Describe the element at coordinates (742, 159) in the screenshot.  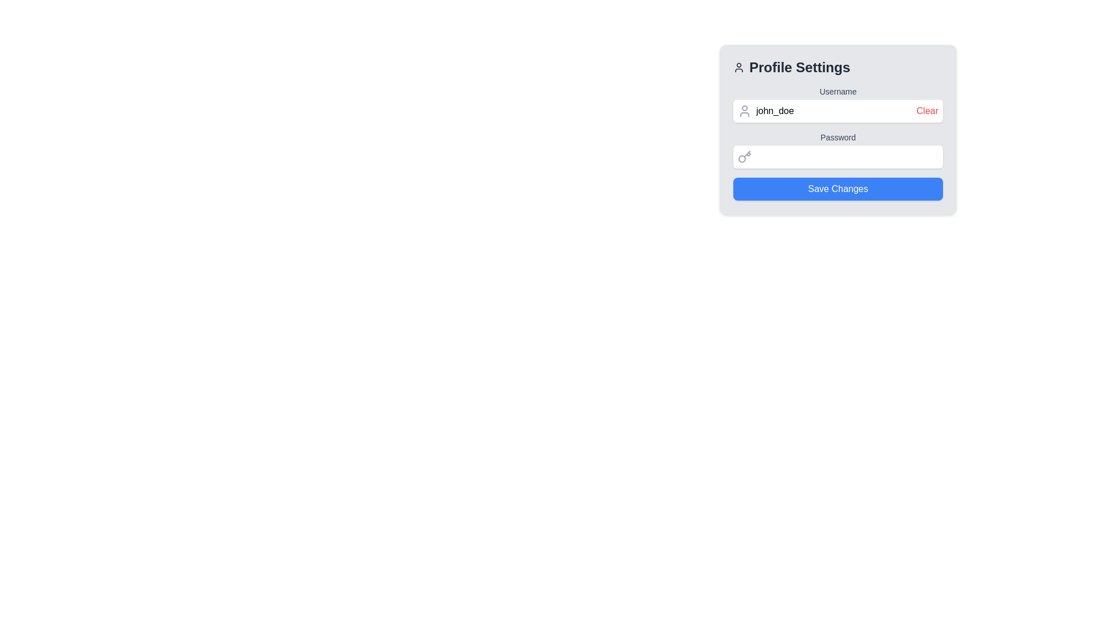
I see `the Circle element that is part of the key icon in the SVG graphic, located near the top-right corner of the password input field` at that location.